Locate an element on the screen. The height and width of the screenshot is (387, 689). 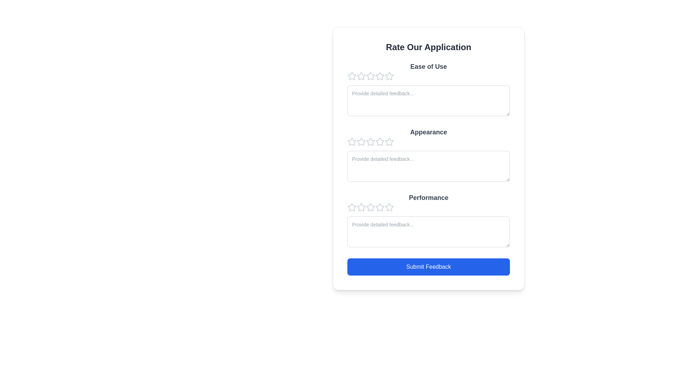
the second star from the left in the rating system is located at coordinates (379, 141).